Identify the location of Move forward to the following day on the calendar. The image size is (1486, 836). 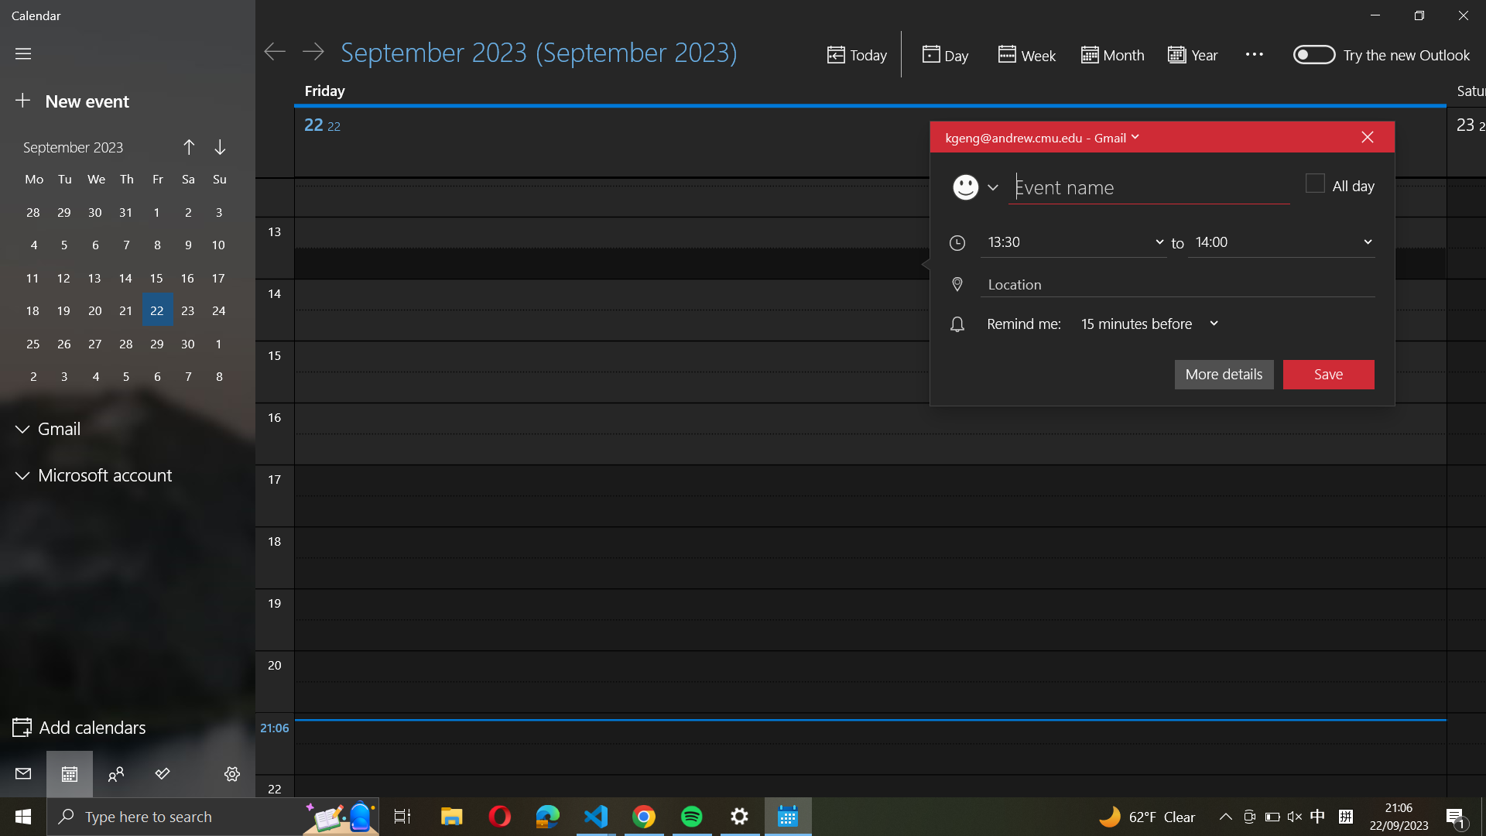
(312, 50).